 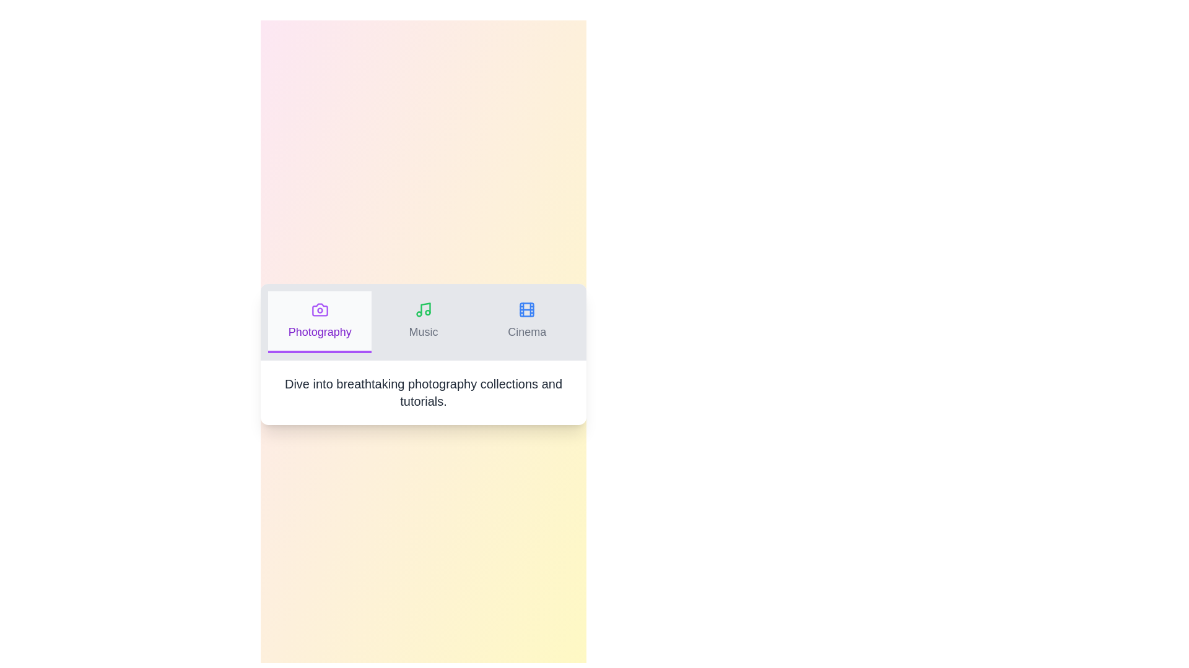 I want to click on the Cinema tab by clicking its button, so click(x=527, y=321).